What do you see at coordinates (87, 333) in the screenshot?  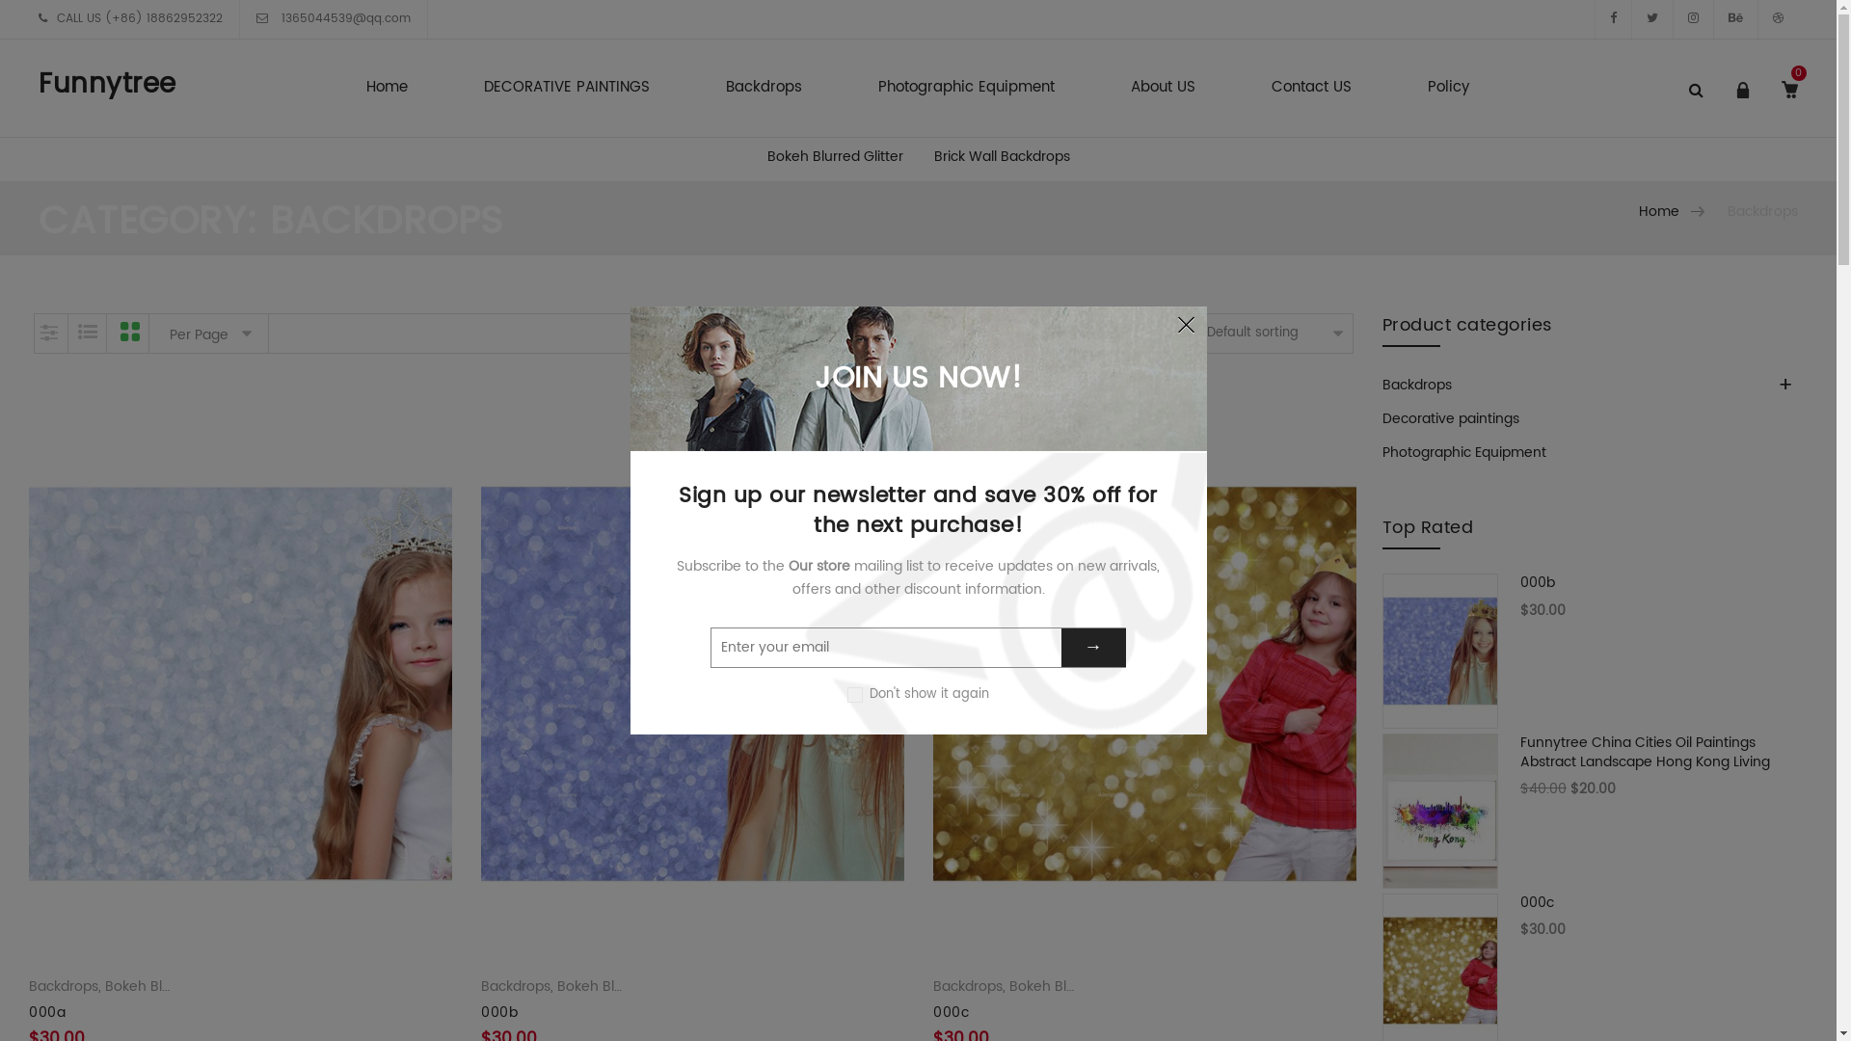 I see `'List view'` at bounding box center [87, 333].